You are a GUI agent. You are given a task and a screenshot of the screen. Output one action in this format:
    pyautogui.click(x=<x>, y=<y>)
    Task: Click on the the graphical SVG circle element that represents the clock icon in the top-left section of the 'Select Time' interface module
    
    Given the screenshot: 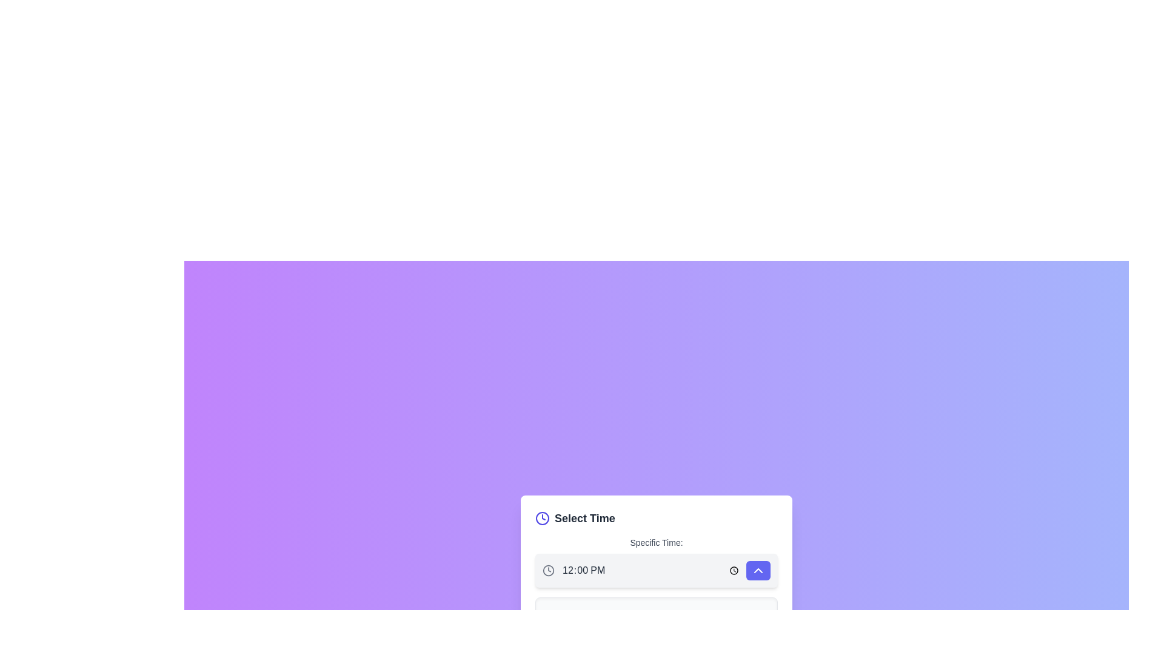 What is the action you would take?
    pyautogui.click(x=548, y=571)
    